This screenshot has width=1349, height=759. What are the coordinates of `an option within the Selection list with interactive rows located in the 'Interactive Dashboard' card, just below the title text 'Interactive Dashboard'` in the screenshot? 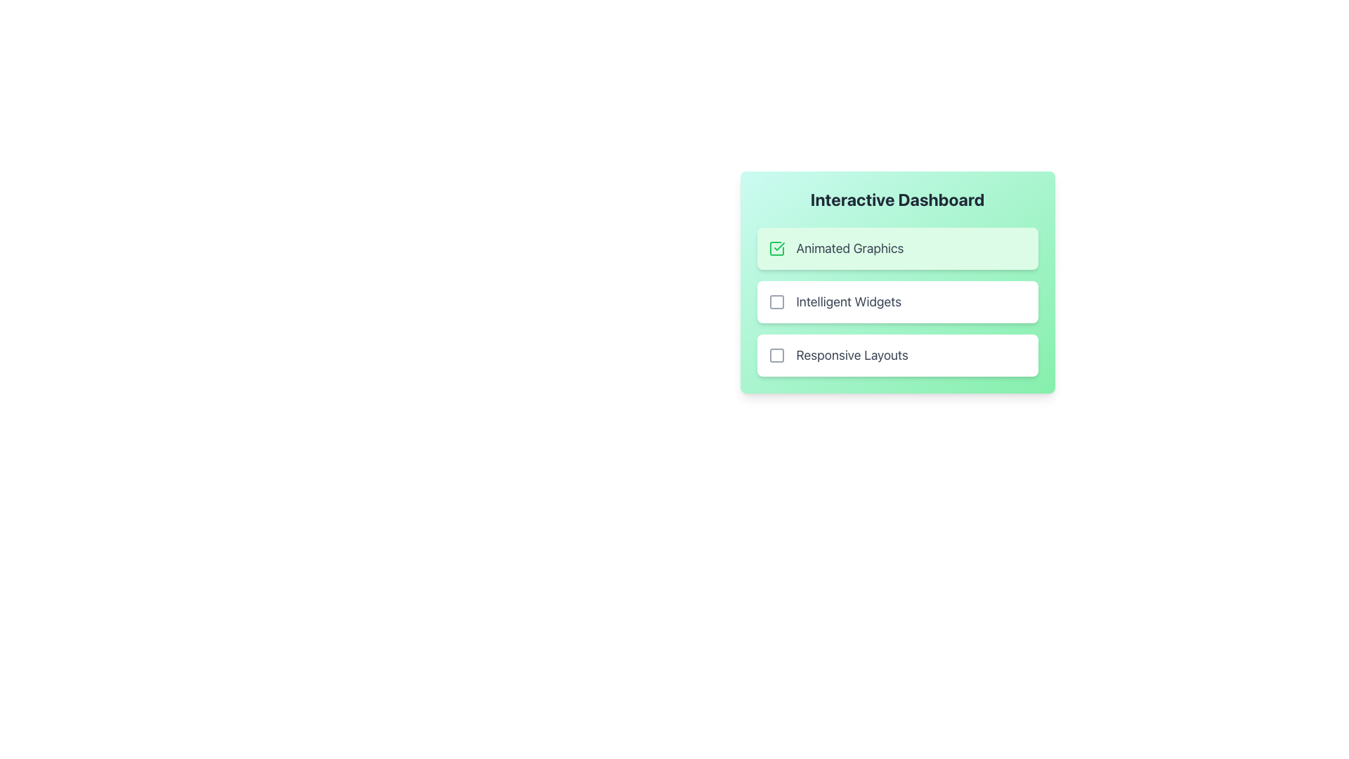 It's located at (897, 301).